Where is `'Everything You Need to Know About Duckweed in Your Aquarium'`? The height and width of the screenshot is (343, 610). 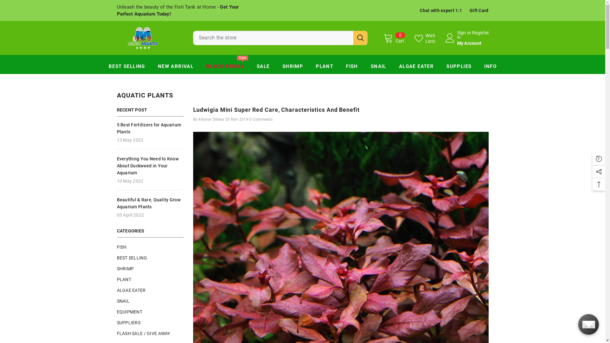
'Everything You Need to Know About Duckweed in Your Aquarium' is located at coordinates (150, 165).